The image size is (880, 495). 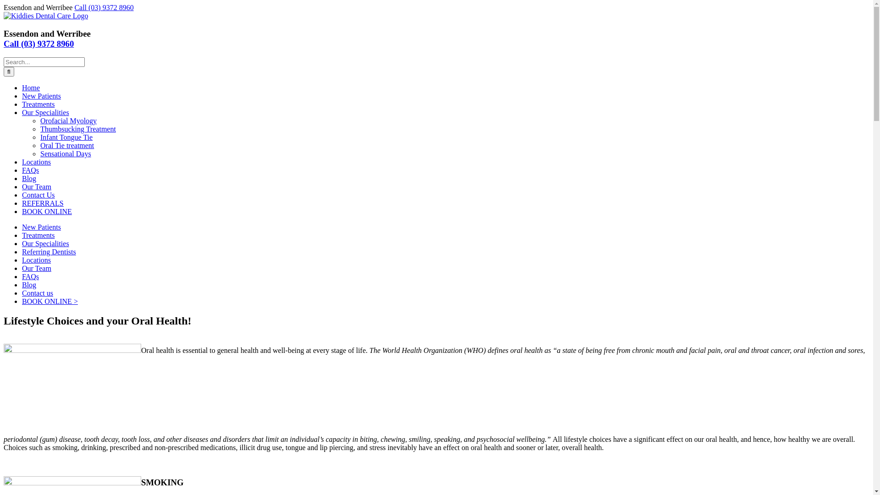 I want to click on 'Locations', so click(x=36, y=161).